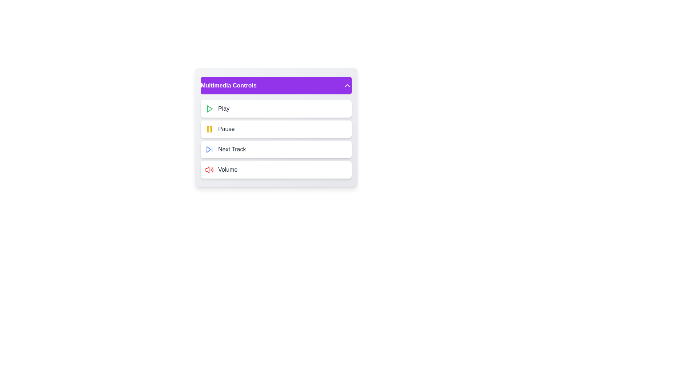 The width and height of the screenshot is (697, 392). What do you see at coordinates (276, 149) in the screenshot?
I see `the 'Next Track' button in the Multimedia Controls section to change its background color indicating interactivity` at bounding box center [276, 149].